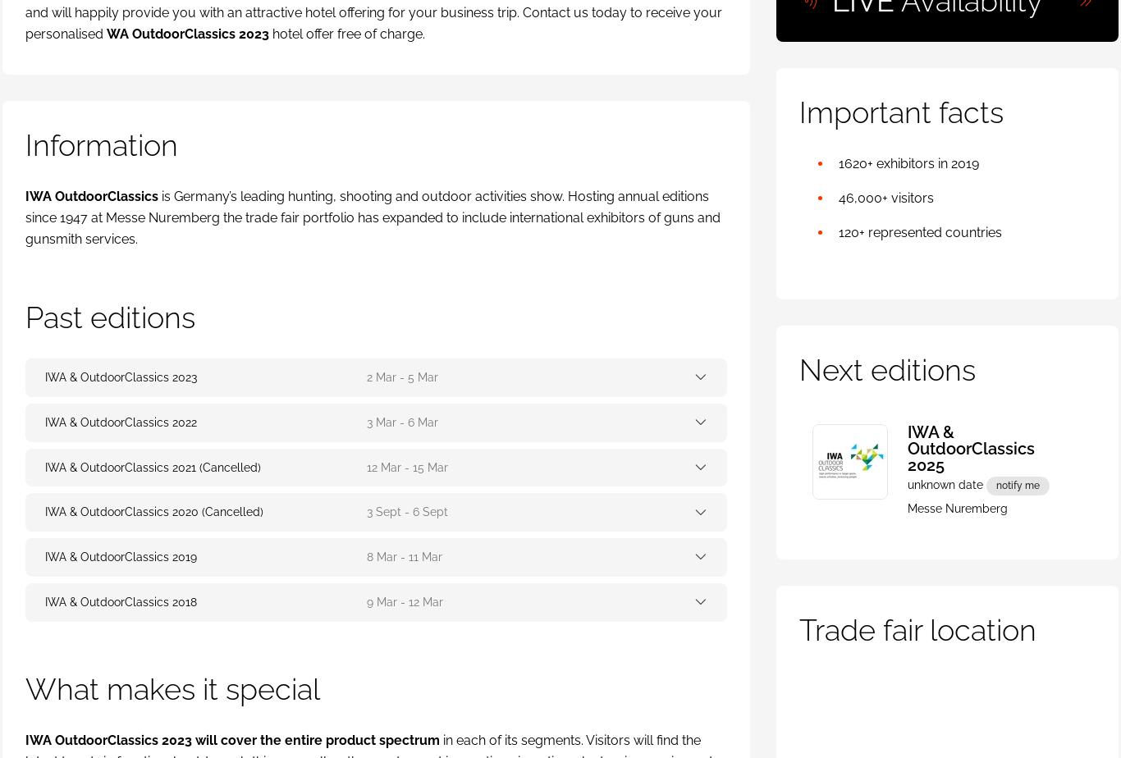 This screenshot has width=1121, height=758. I want to click on 'ExpoBeds', so click(222, 668).